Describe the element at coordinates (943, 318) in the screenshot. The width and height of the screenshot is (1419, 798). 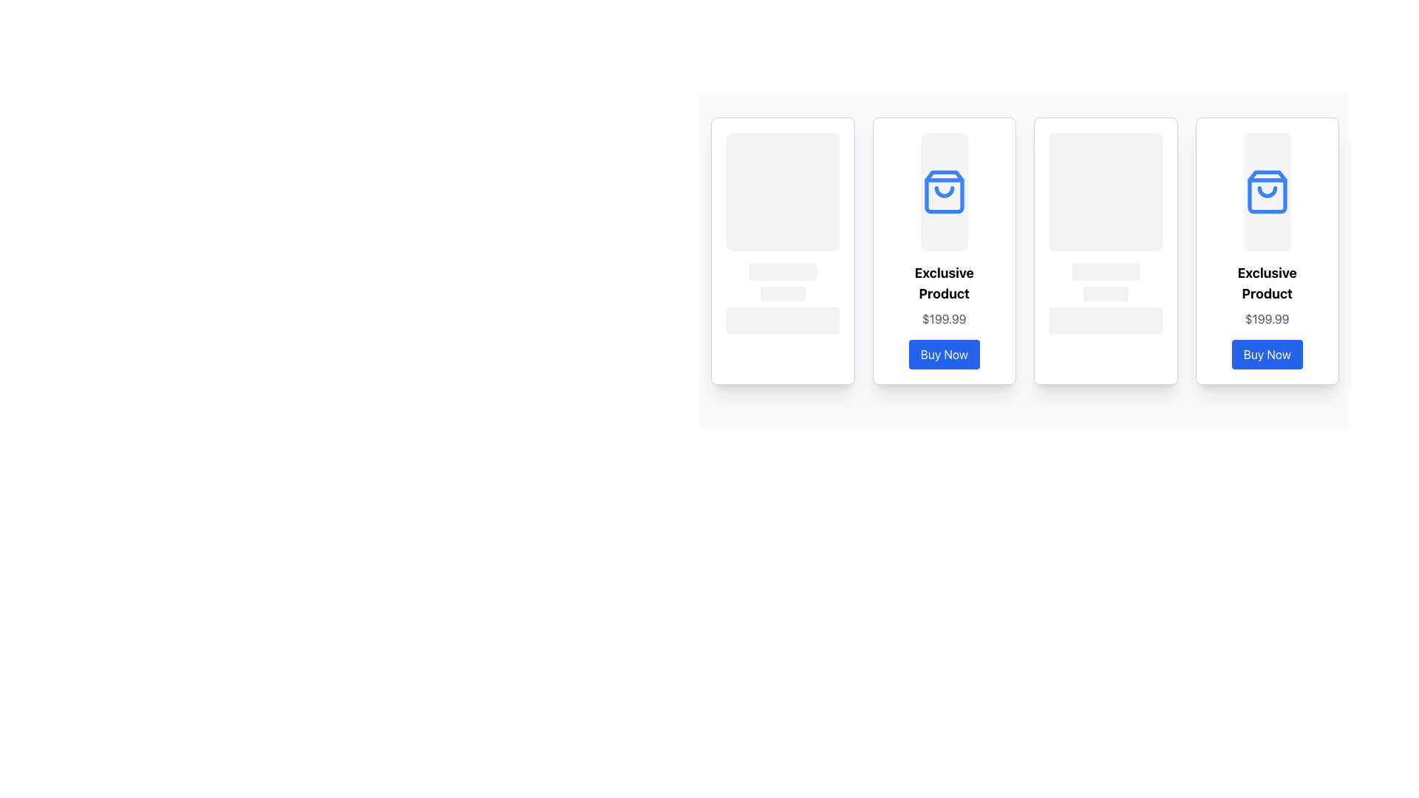
I see `price displayed in the label positioned below the header text 'Exclusive Product' and above the 'Buy Now' button in the middle card of the product grid` at that location.